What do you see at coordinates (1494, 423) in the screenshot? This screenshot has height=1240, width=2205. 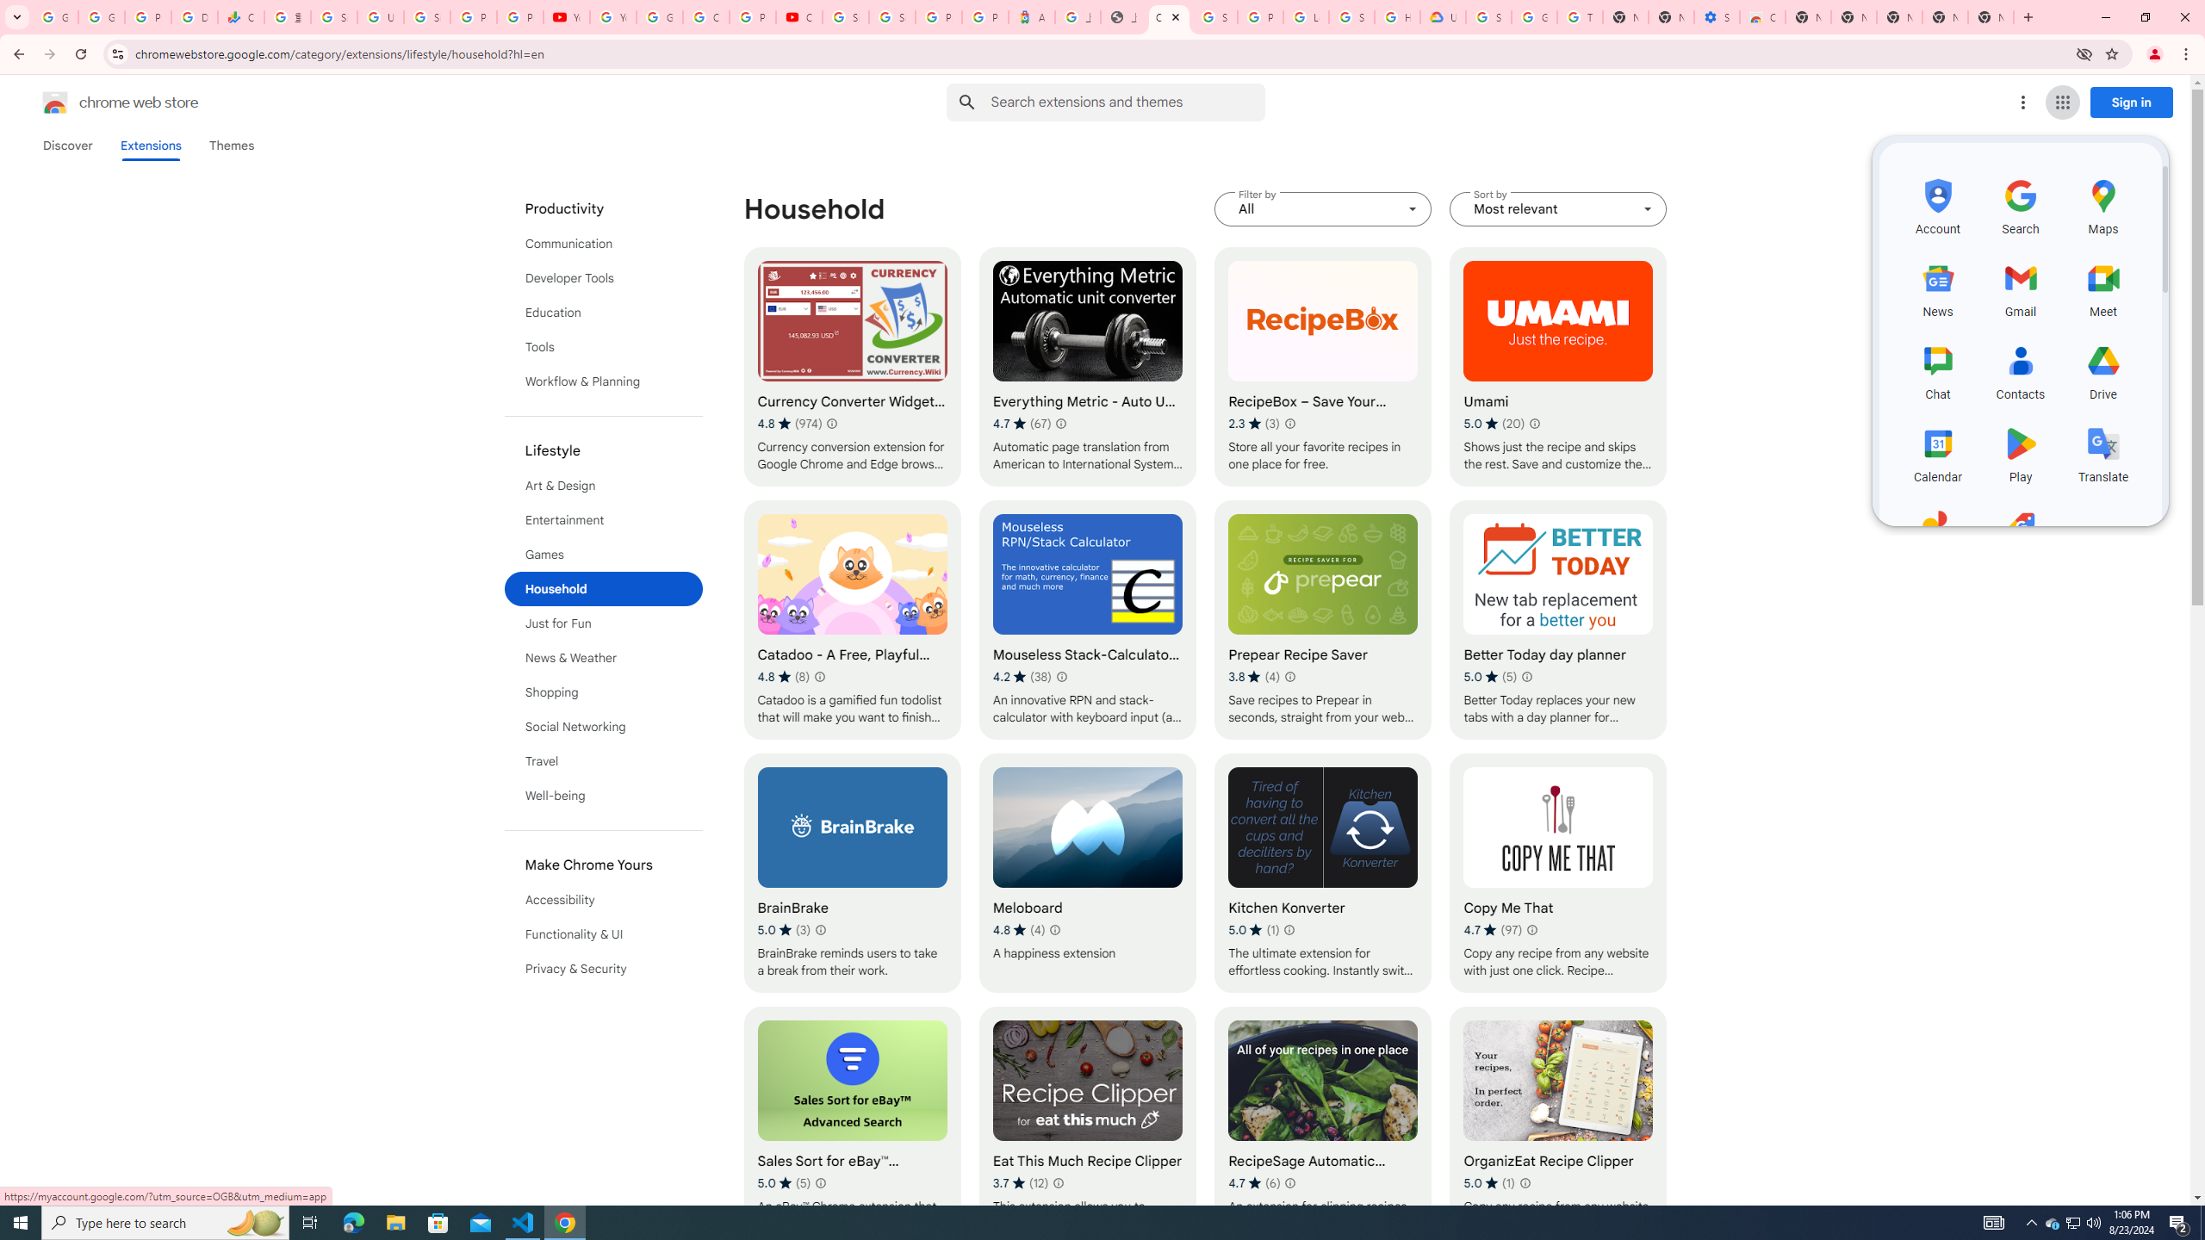 I see `'Average rating 5 out of 5 stars. 20 ratings.'` at bounding box center [1494, 423].